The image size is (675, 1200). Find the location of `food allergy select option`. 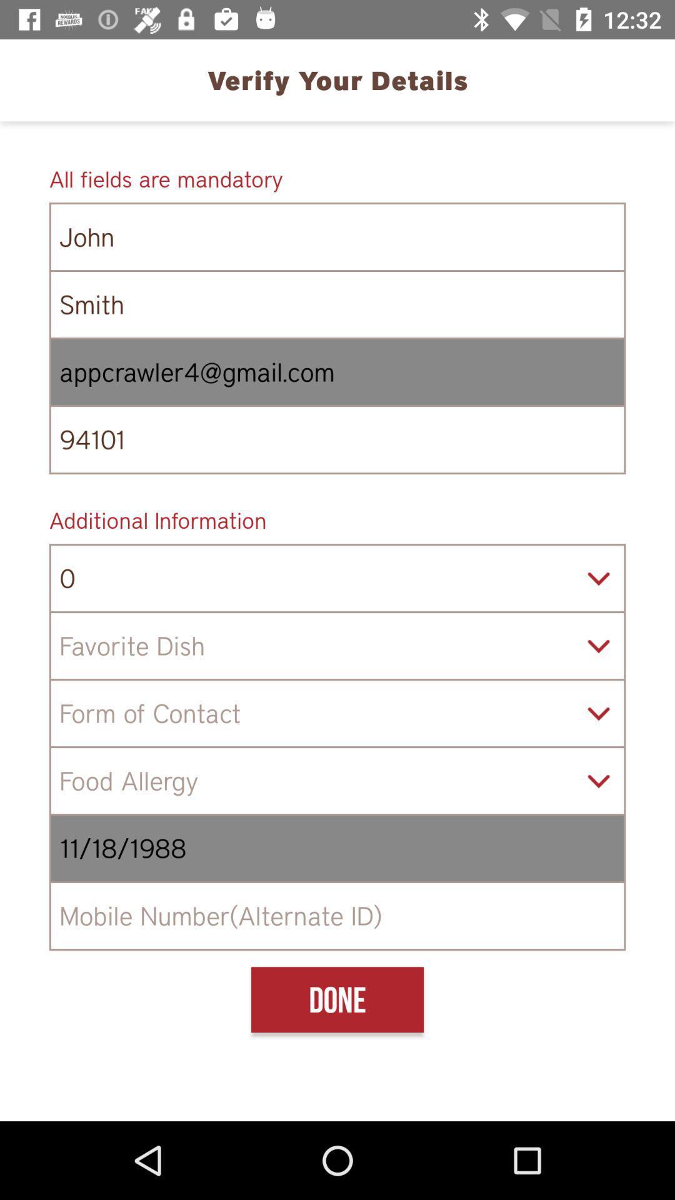

food allergy select option is located at coordinates (337, 780).